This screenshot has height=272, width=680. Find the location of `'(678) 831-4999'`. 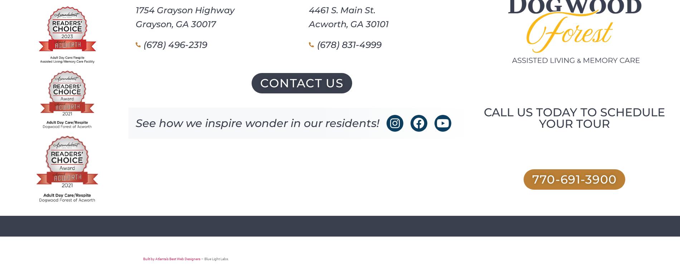

'(678) 831-4999' is located at coordinates (349, 44).